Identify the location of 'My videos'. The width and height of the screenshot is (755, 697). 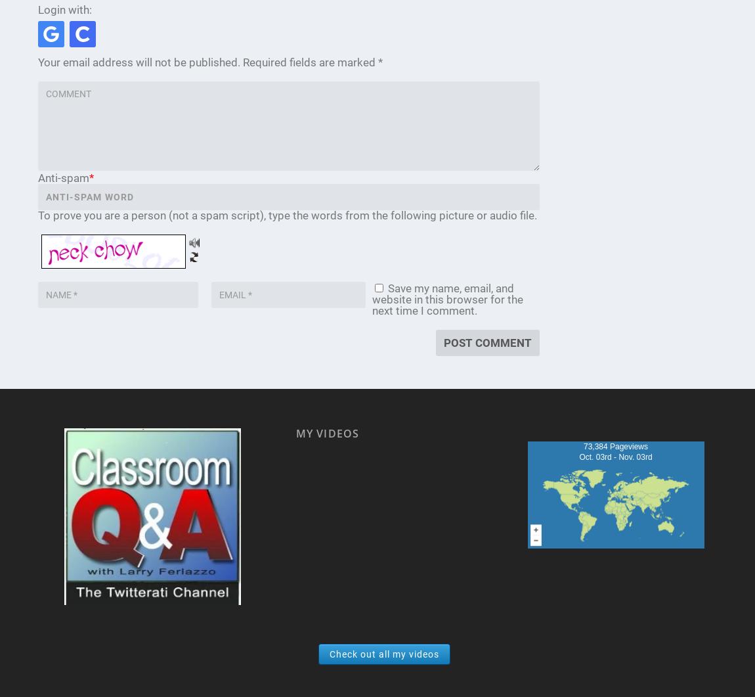
(295, 433).